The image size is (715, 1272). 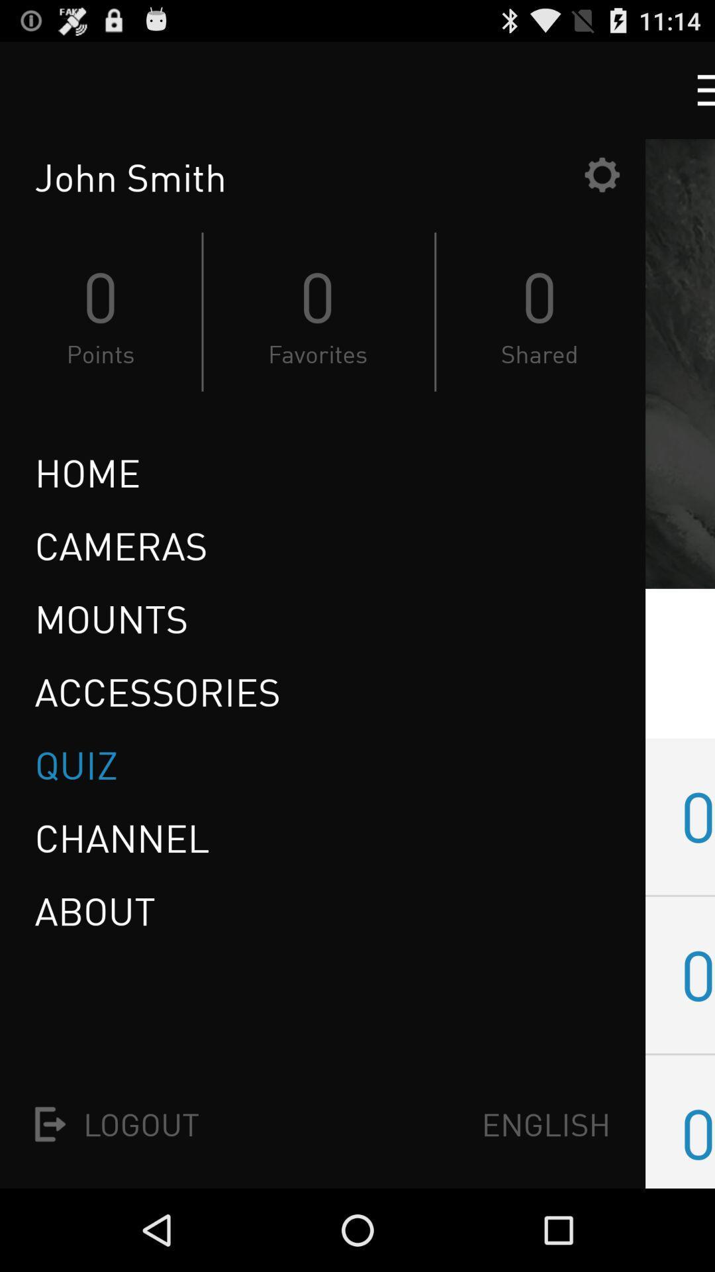 I want to click on the icon below the cameras, so click(x=111, y=618).